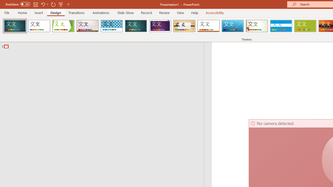 This screenshot has height=187, width=333. Describe the element at coordinates (184, 26) in the screenshot. I see `'Organic'` at that location.